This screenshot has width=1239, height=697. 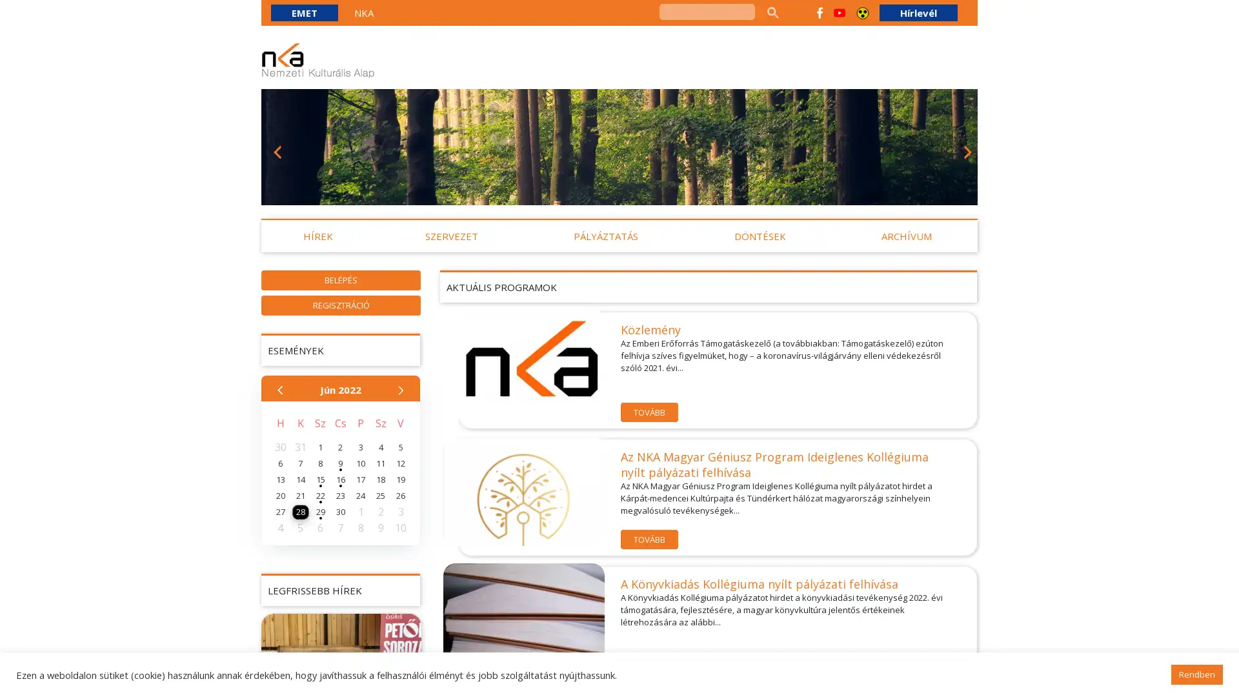 What do you see at coordinates (1196, 674) in the screenshot?
I see `Rendben` at bounding box center [1196, 674].